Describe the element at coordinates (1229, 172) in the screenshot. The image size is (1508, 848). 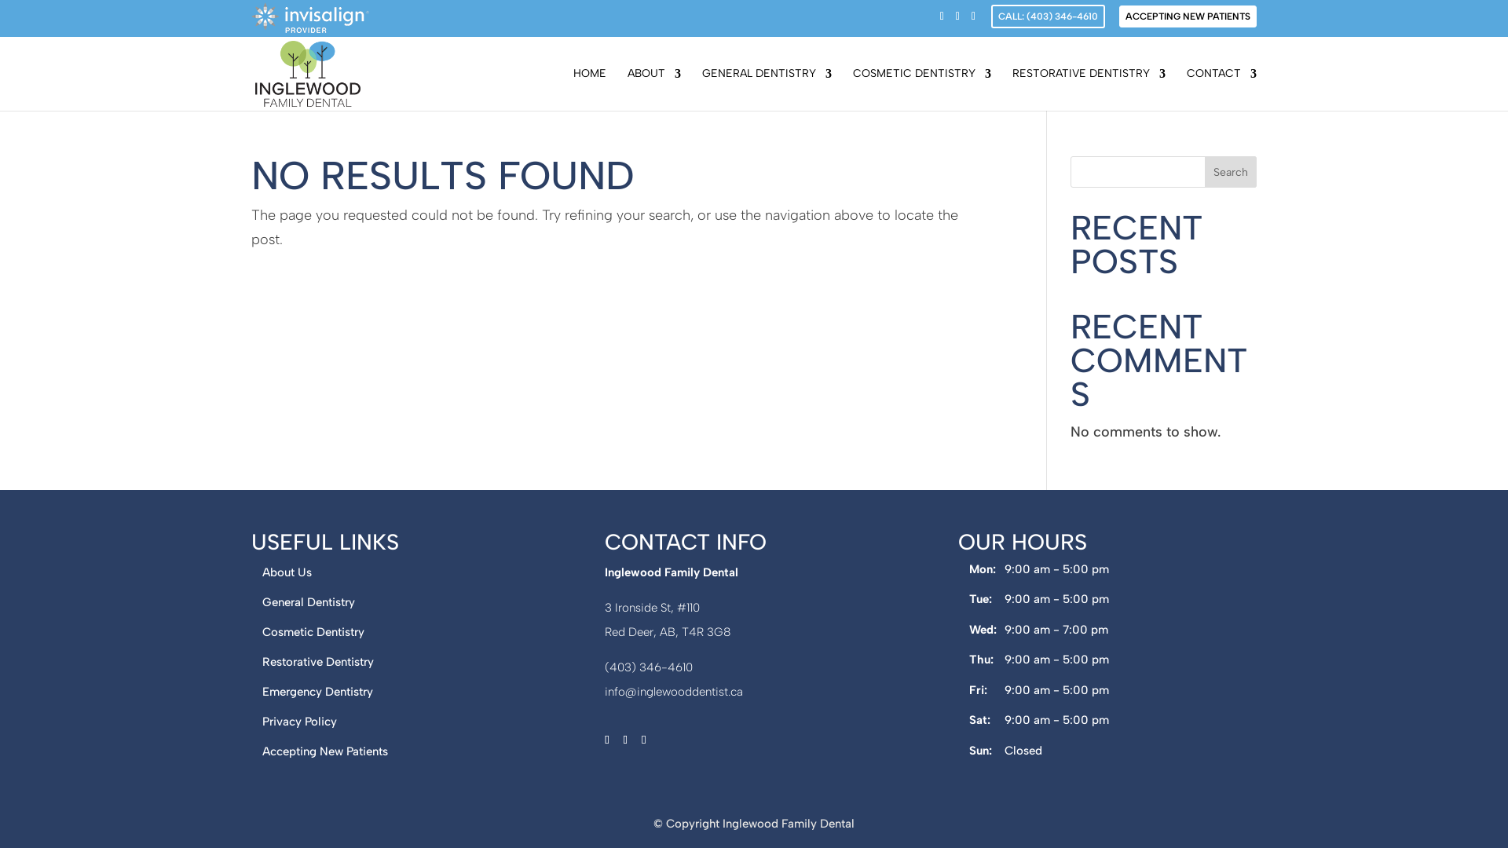
I see `'Search'` at that location.